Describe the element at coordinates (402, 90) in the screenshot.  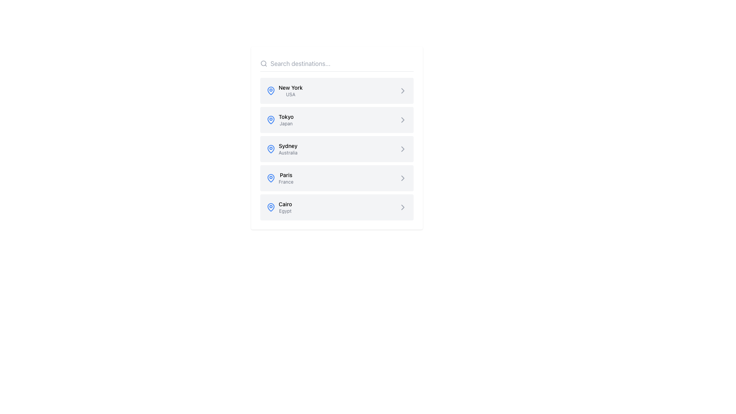
I see `the interactive icon located on the right side of the 'New York, USA' item in the list of destinations` at that location.